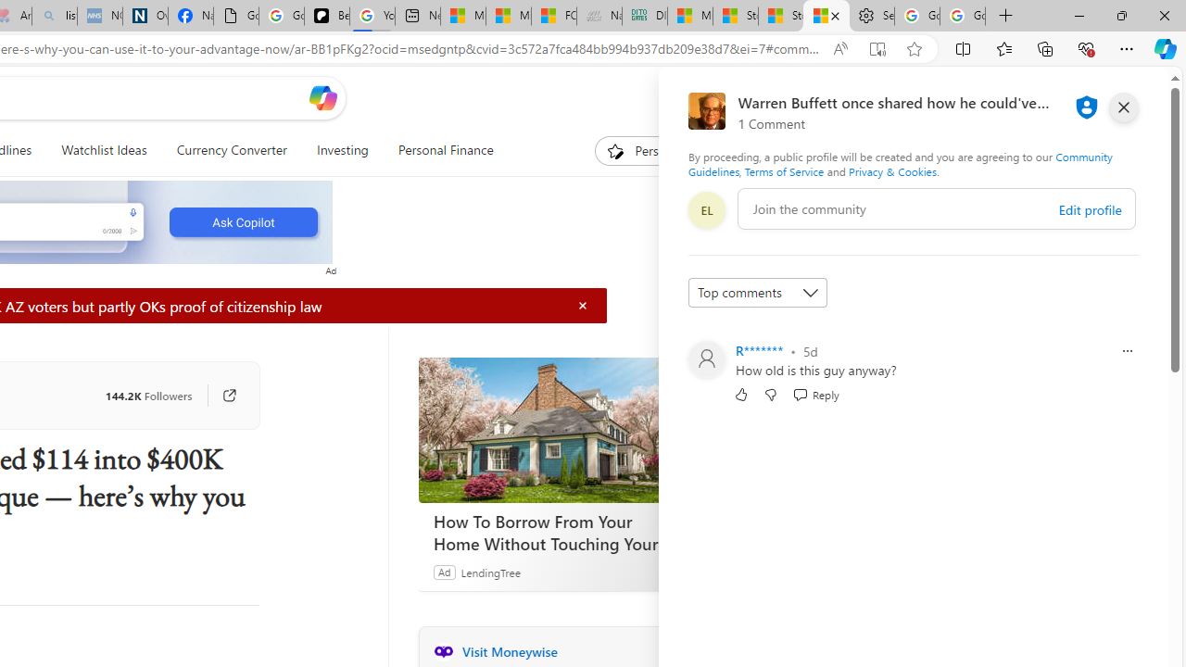  I want to click on 'Watchlist Ideas', so click(103, 150).